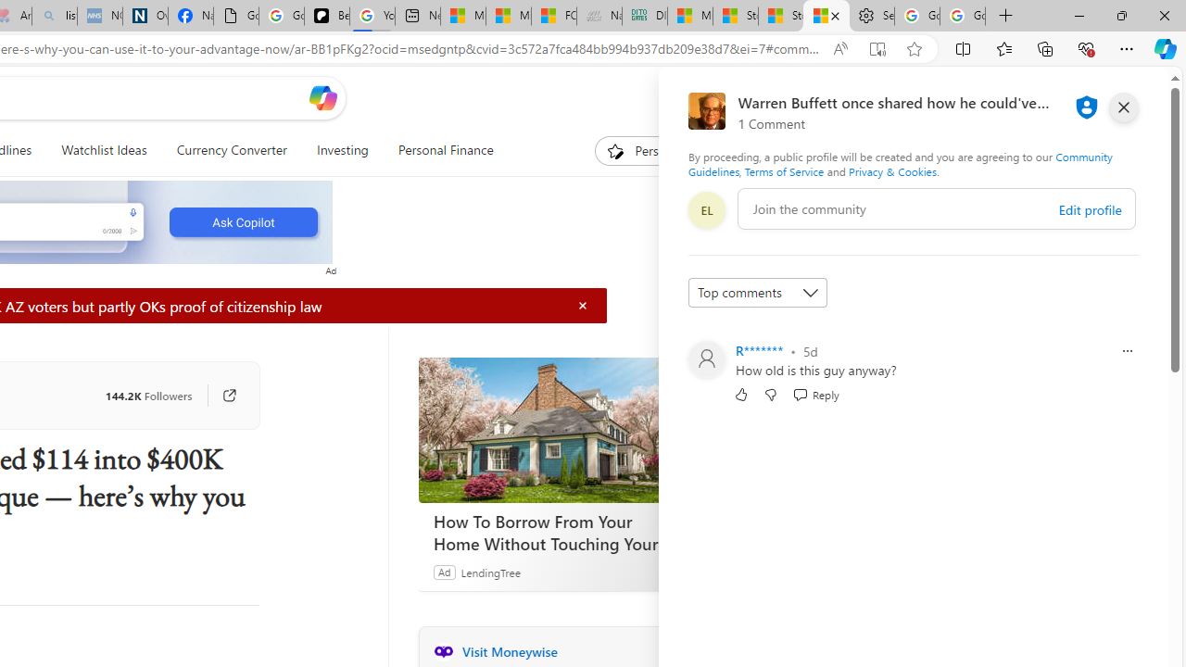  I want to click on 'Watchlist Ideas', so click(103, 150).